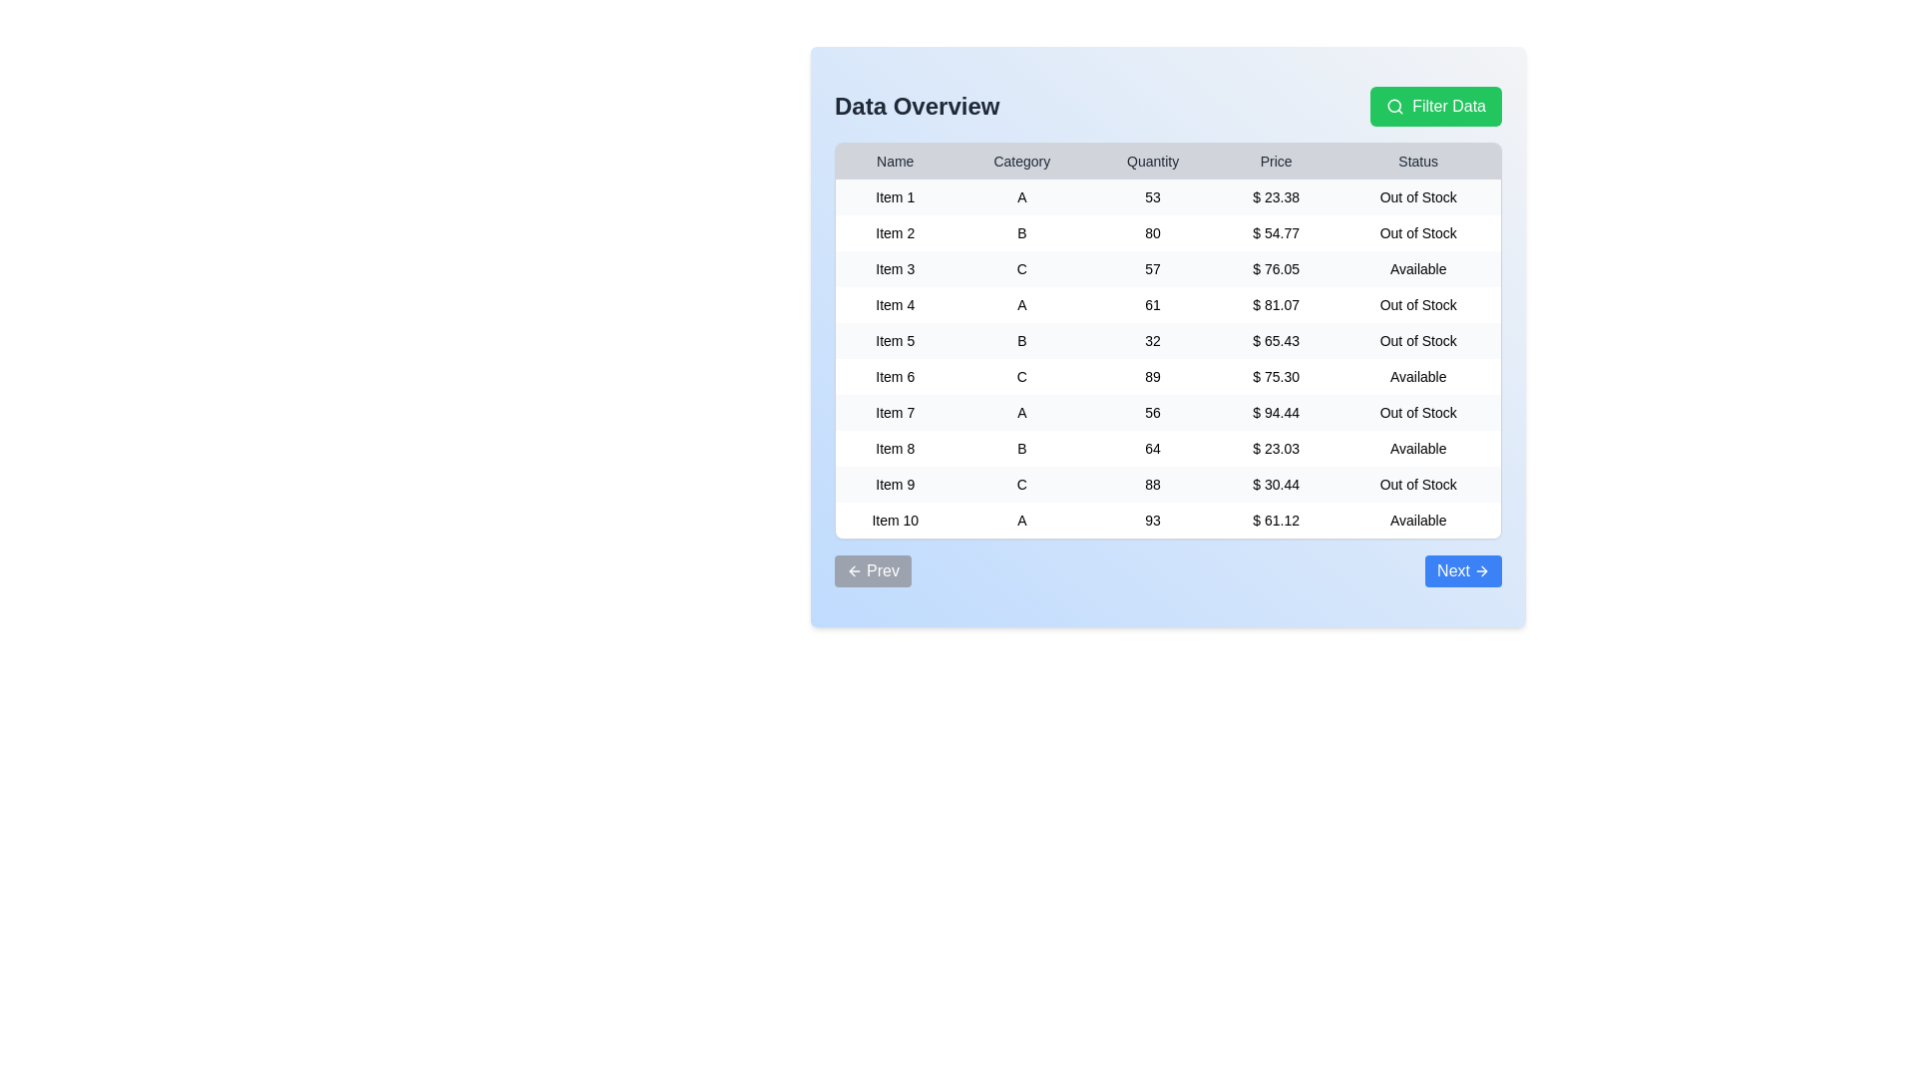  Describe the element at coordinates (894, 161) in the screenshot. I see `the table header Name to sort the table by that column` at that location.